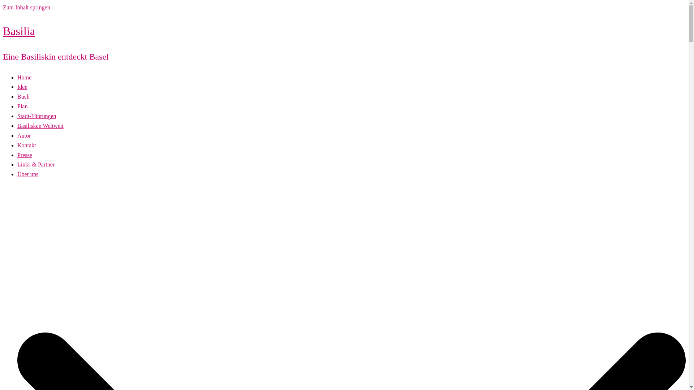 The width and height of the screenshot is (694, 390). Describe the element at coordinates (24, 77) in the screenshot. I see `'Home'` at that location.